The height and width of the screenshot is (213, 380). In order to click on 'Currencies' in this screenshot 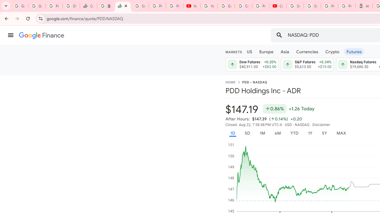, I will do `click(307, 51)`.